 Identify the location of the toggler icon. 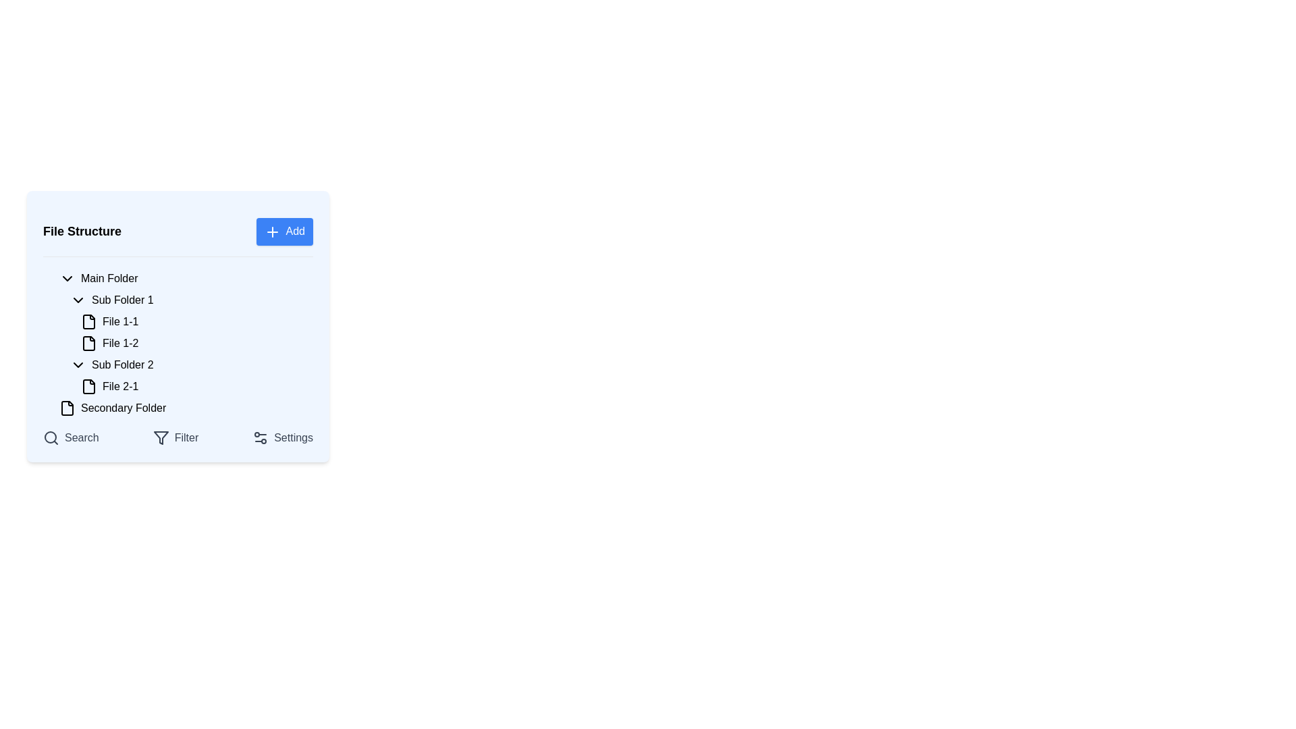
(67, 277).